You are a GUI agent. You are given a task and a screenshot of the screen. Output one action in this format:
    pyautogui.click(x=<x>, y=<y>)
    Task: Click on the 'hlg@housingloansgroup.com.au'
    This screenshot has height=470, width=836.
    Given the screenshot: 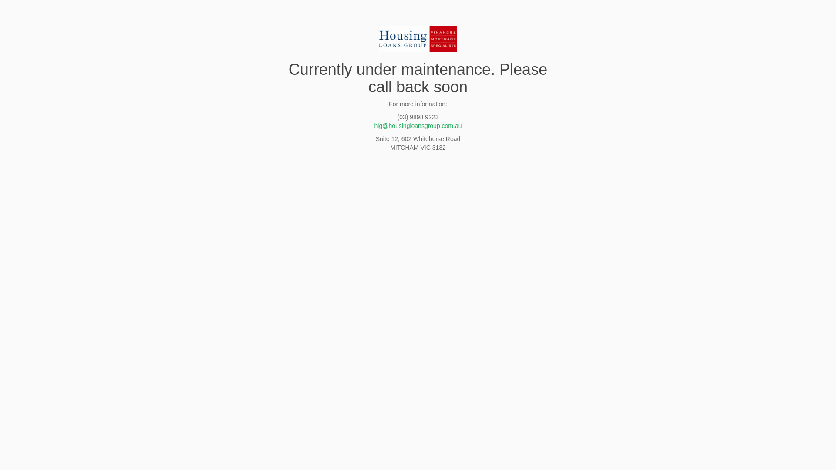 What is the action you would take?
    pyautogui.click(x=417, y=126)
    